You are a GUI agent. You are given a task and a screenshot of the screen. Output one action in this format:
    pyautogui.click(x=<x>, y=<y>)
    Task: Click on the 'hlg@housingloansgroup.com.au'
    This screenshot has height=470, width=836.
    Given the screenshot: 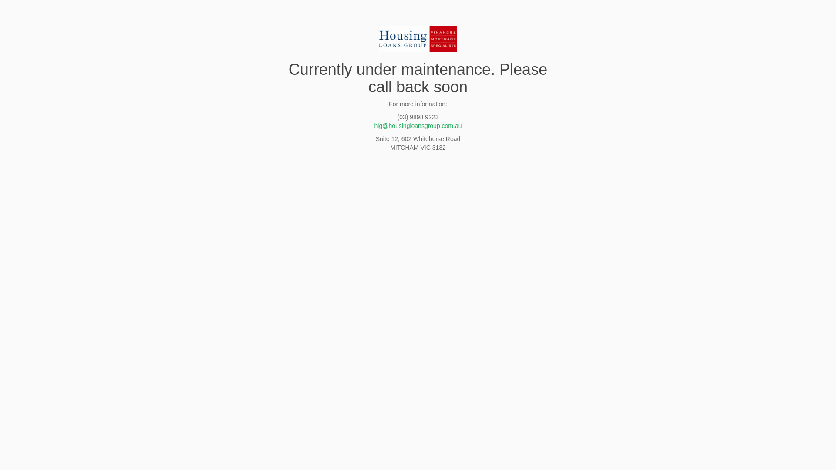 What is the action you would take?
    pyautogui.click(x=417, y=126)
    